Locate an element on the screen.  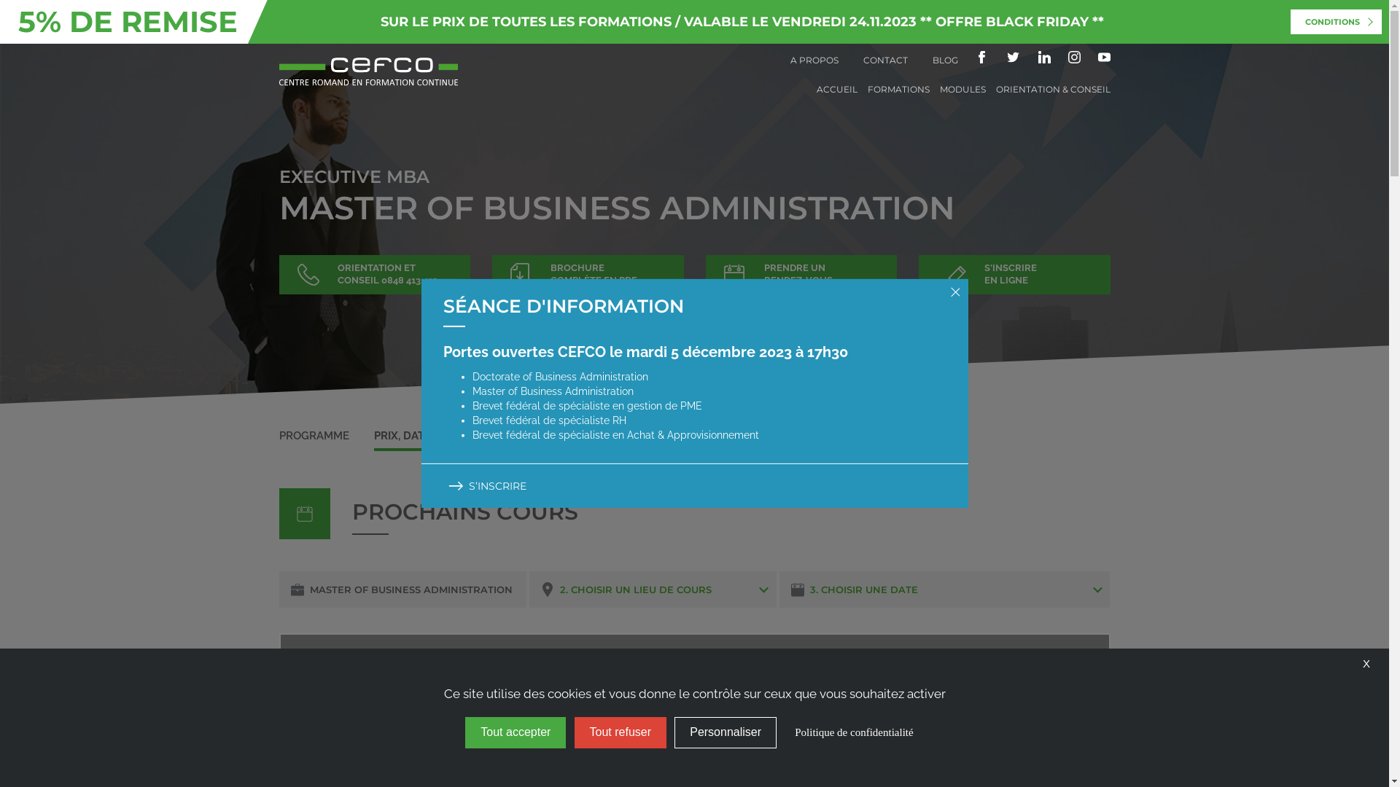
'PRENDRE UN is located at coordinates (801, 275).